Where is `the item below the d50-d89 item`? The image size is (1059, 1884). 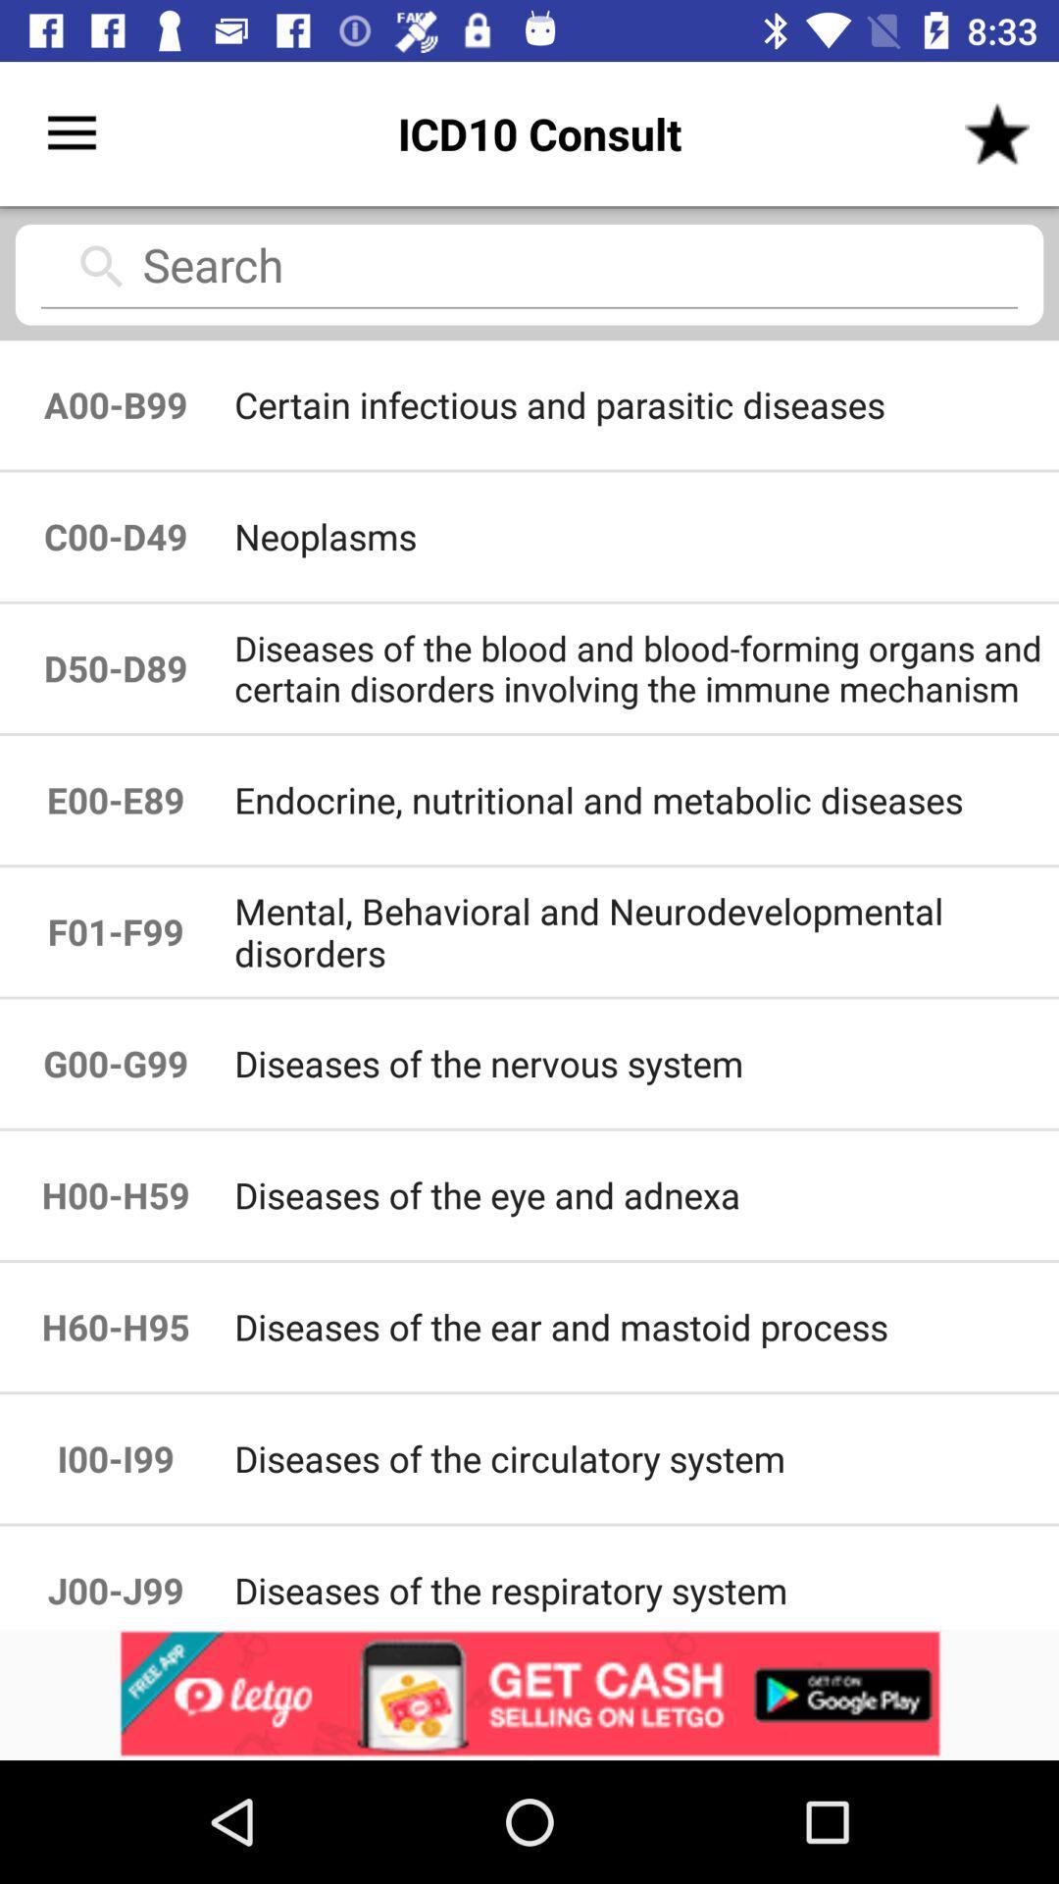
the item below the d50-d89 item is located at coordinates (645, 800).